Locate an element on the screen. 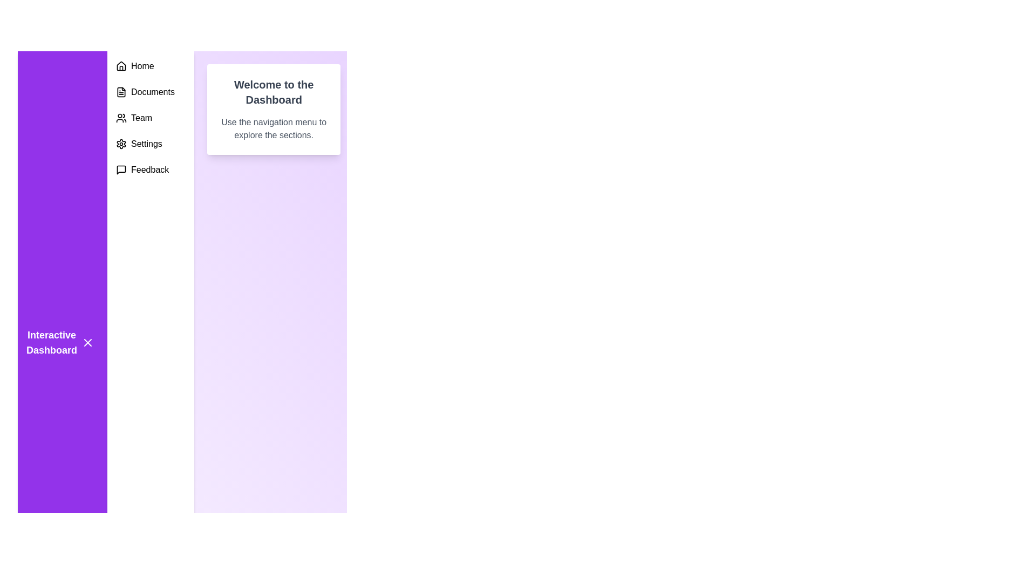 The height and width of the screenshot is (583, 1036). the 'Team' text label in the vertical menu on the left-hand side is located at coordinates (141, 118).